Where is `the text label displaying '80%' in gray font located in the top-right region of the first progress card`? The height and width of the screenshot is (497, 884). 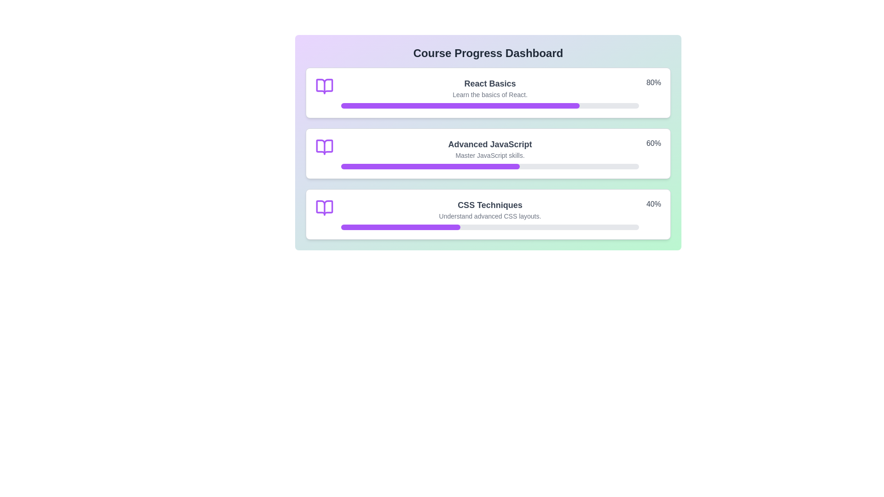
the text label displaying '80%' in gray font located in the top-right region of the first progress card is located at coordinates (653, 83).